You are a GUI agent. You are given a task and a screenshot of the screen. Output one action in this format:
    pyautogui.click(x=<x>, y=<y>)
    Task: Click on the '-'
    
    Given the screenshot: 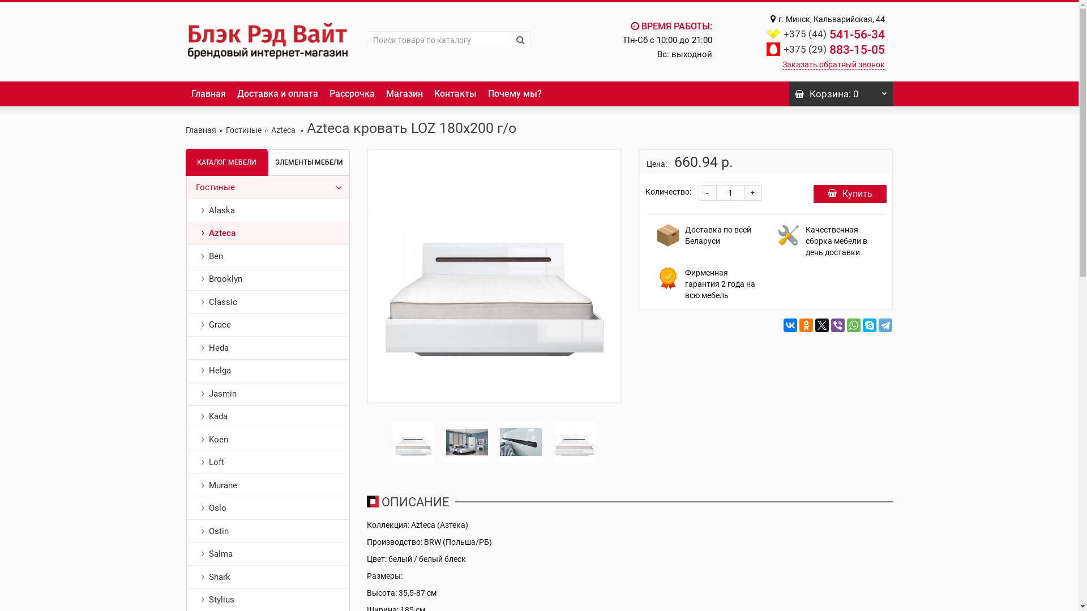 What is the action you would take?
    pyautogui.click(x=706, y=192)
    